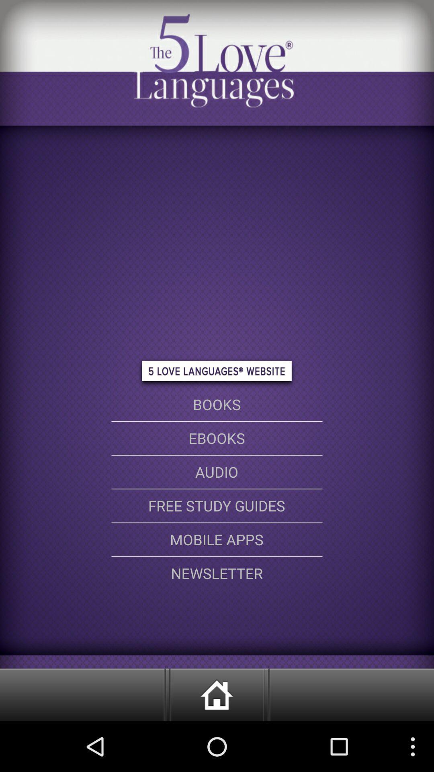  What do you see at coordinates (217, 573) in the screenshot?
I see `the newsletter option` at bounding box center [217, 573].